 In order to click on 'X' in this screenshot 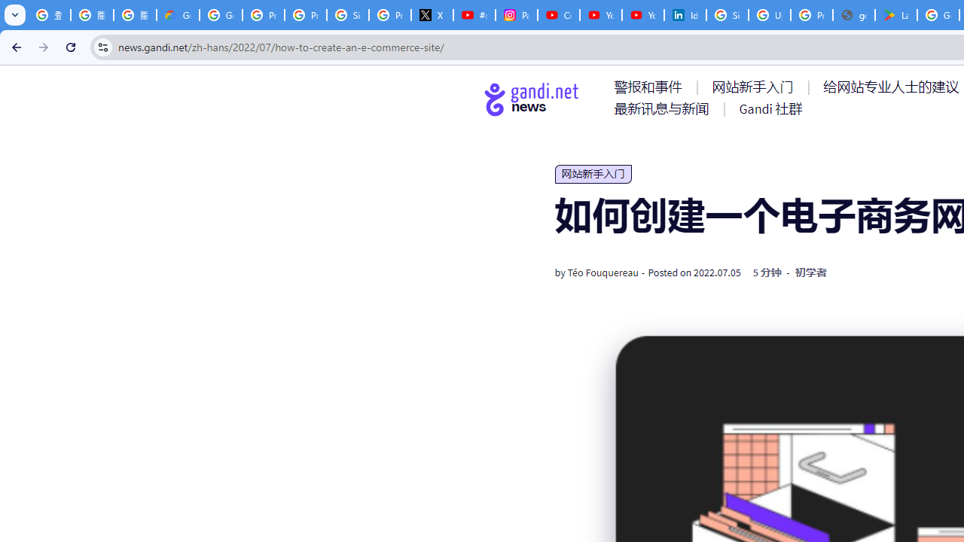, I will do `click(432, 15)`.